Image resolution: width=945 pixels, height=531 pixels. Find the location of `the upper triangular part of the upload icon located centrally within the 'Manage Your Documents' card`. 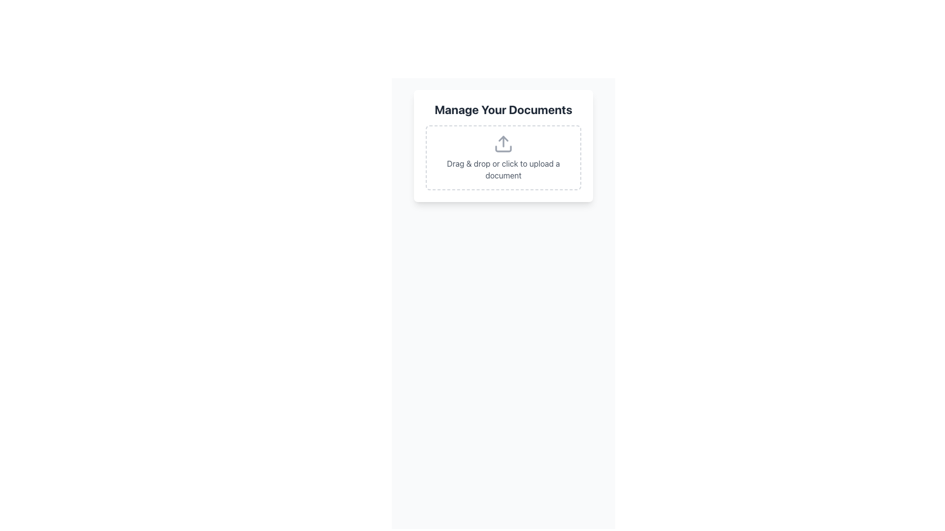

the upper triangular part of the upload icon located centrally within the 'Manage Your Documents' card is located at coordinates (503, 139).